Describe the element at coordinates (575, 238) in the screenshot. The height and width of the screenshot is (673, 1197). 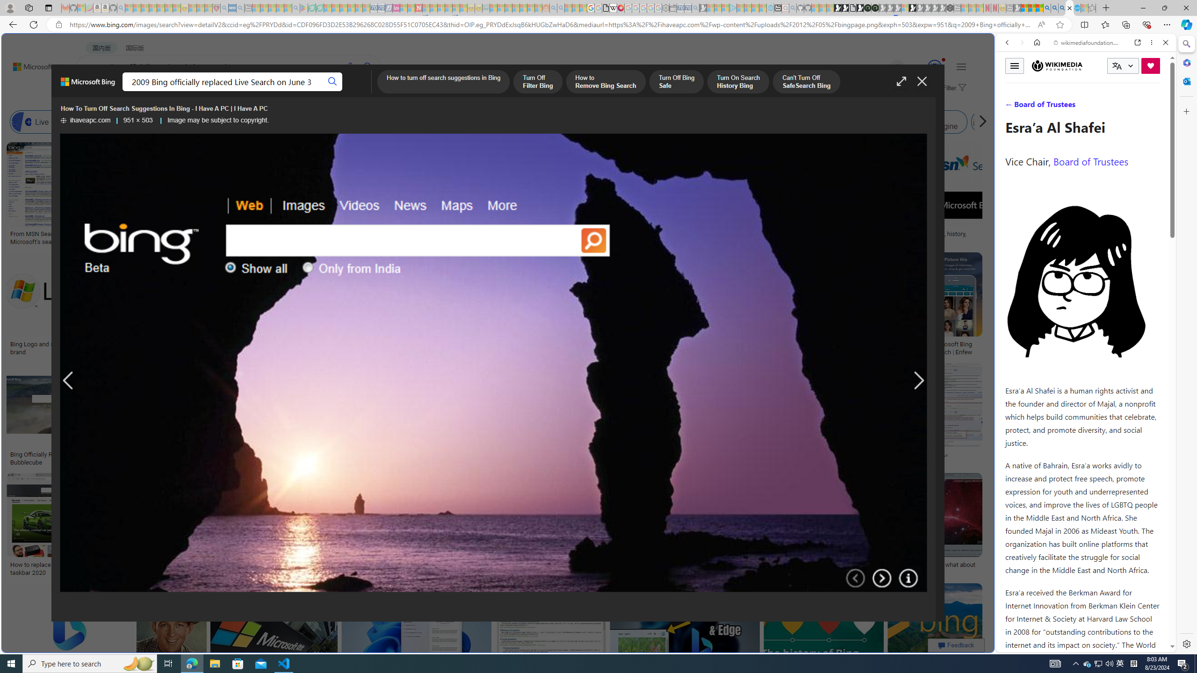
I see `'Bing: rebranding search: idsgn (a design blog)'` at that location.